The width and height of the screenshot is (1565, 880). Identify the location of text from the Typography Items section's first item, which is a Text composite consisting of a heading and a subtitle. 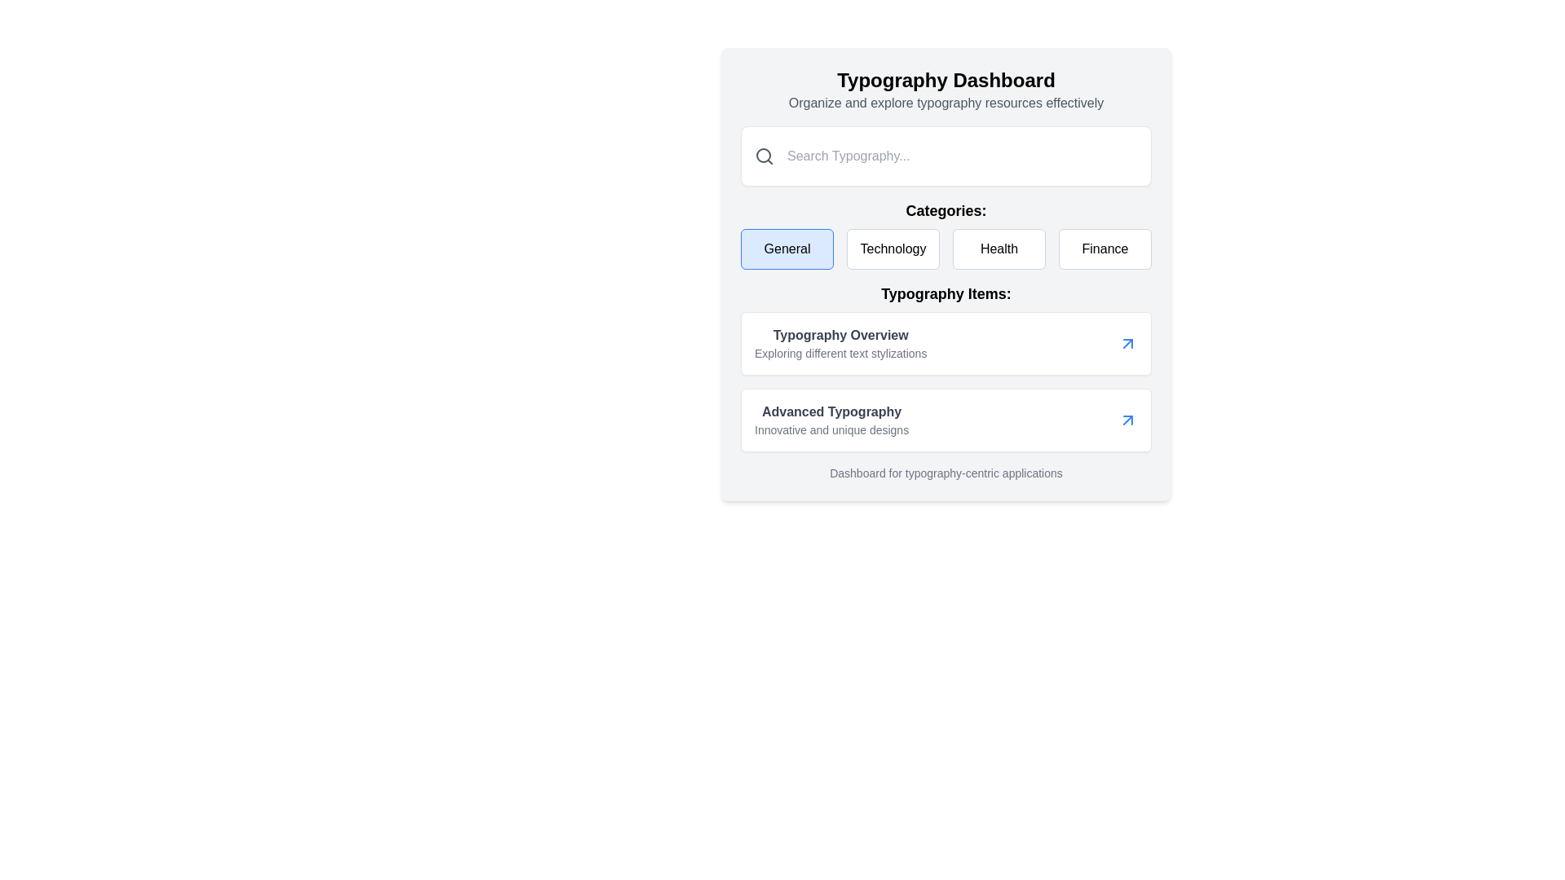
(840, 342).